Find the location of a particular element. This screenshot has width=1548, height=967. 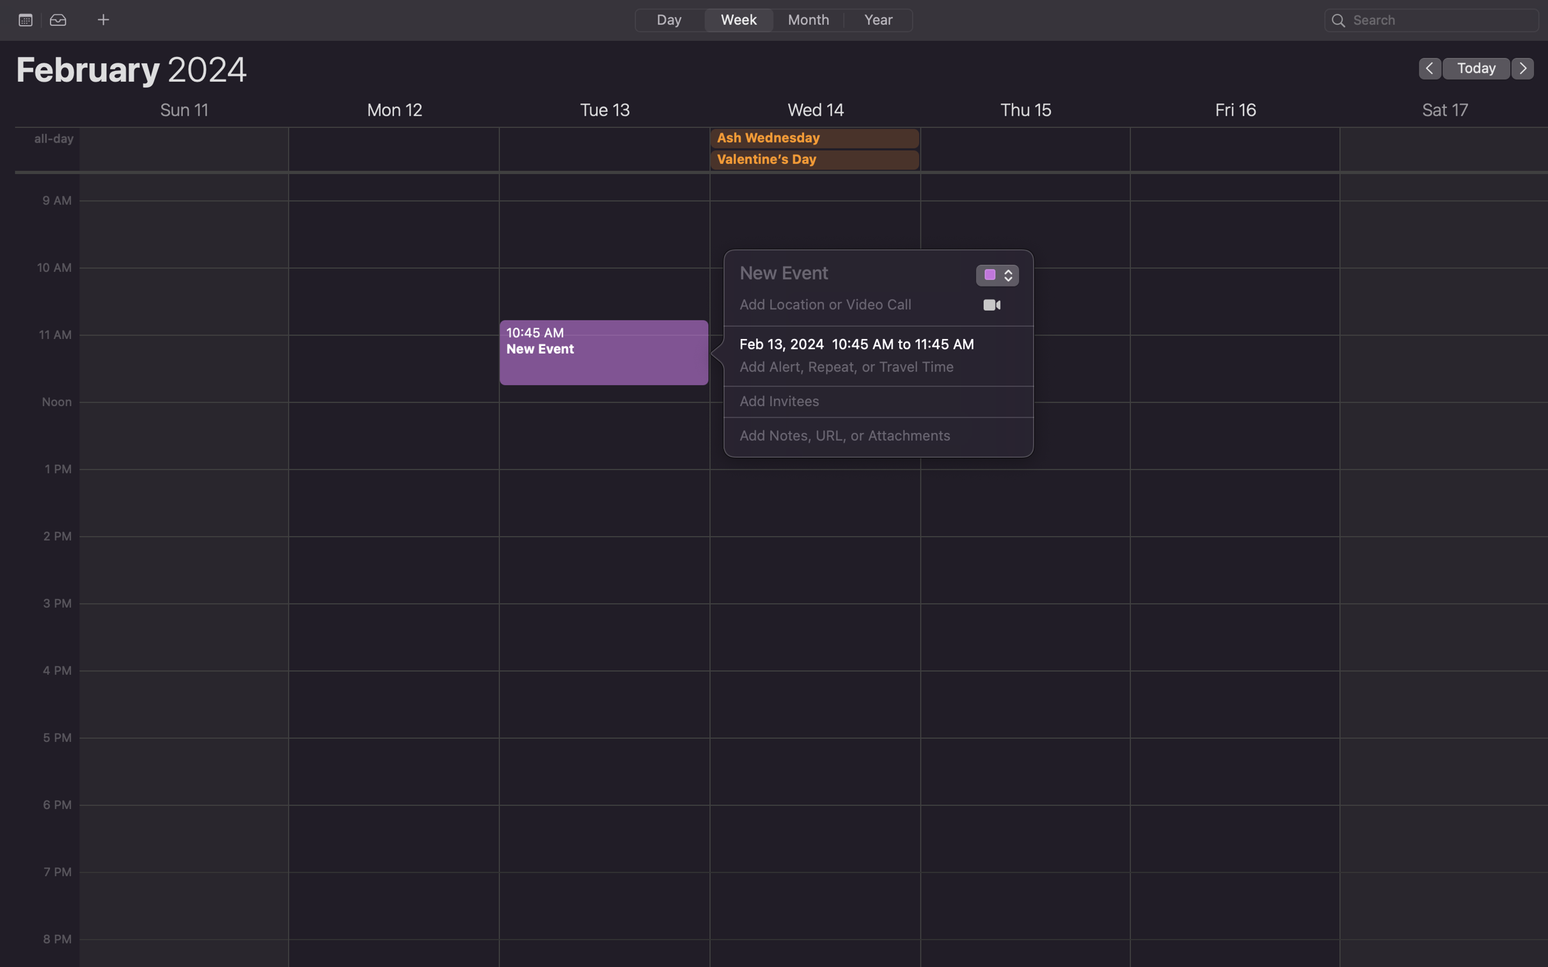

Enter "Conference Room 2" into the location field is located at coordinates (848, 309).